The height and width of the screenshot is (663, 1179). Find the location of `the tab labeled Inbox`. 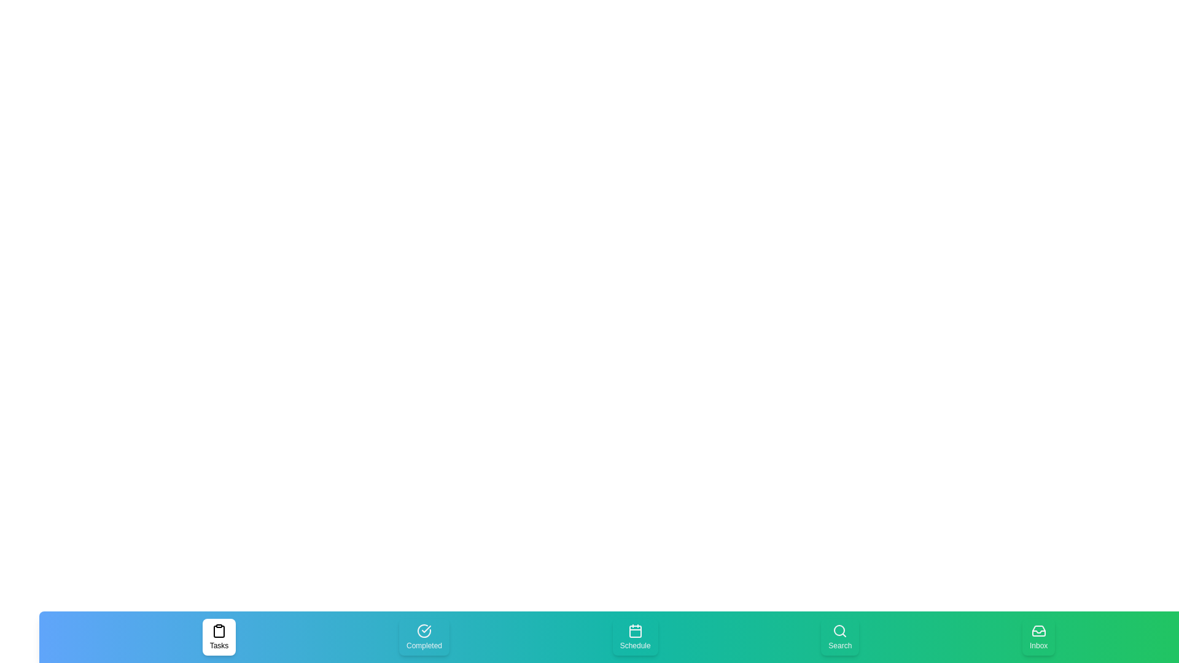

the tab labeled Inbox is located at coordinates (1038, 636).